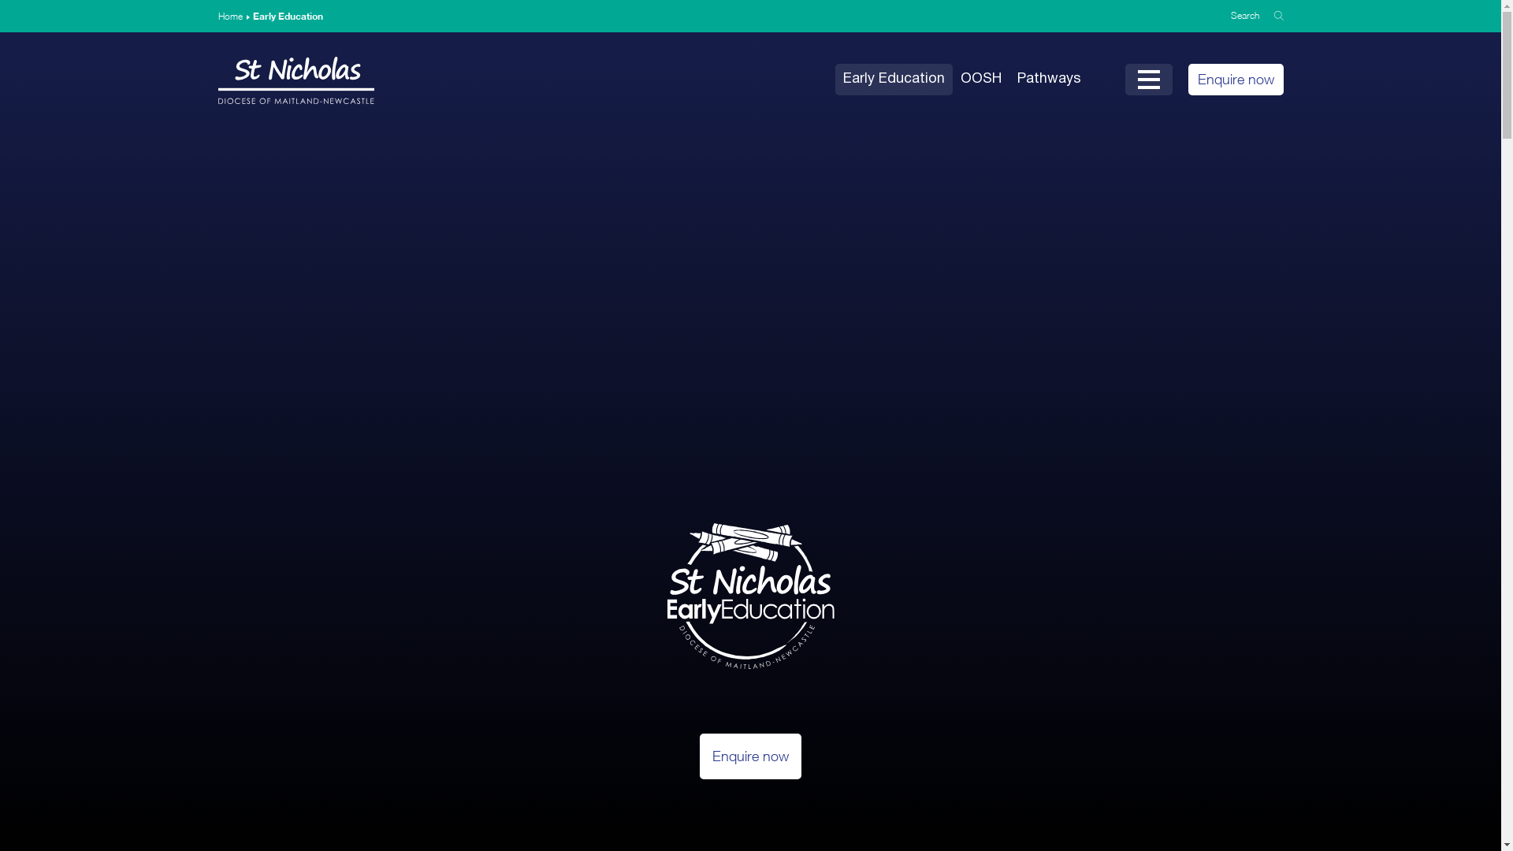  Describe the element at coordinates (216, 16) in the screenshot. I see `'Home'` at that location.